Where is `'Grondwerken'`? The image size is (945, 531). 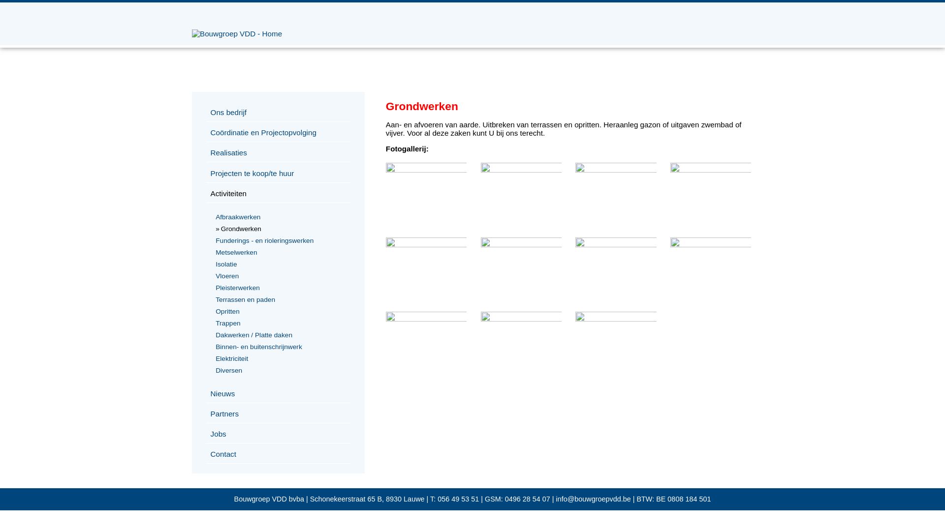 'Grondwerken' is located at coordinates (426, 169).